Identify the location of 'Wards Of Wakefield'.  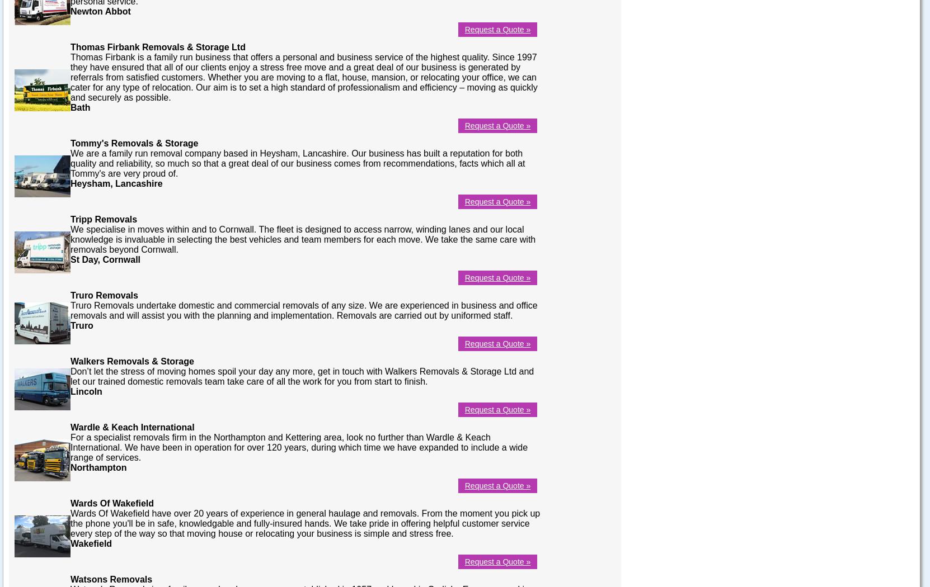
(111, 502).